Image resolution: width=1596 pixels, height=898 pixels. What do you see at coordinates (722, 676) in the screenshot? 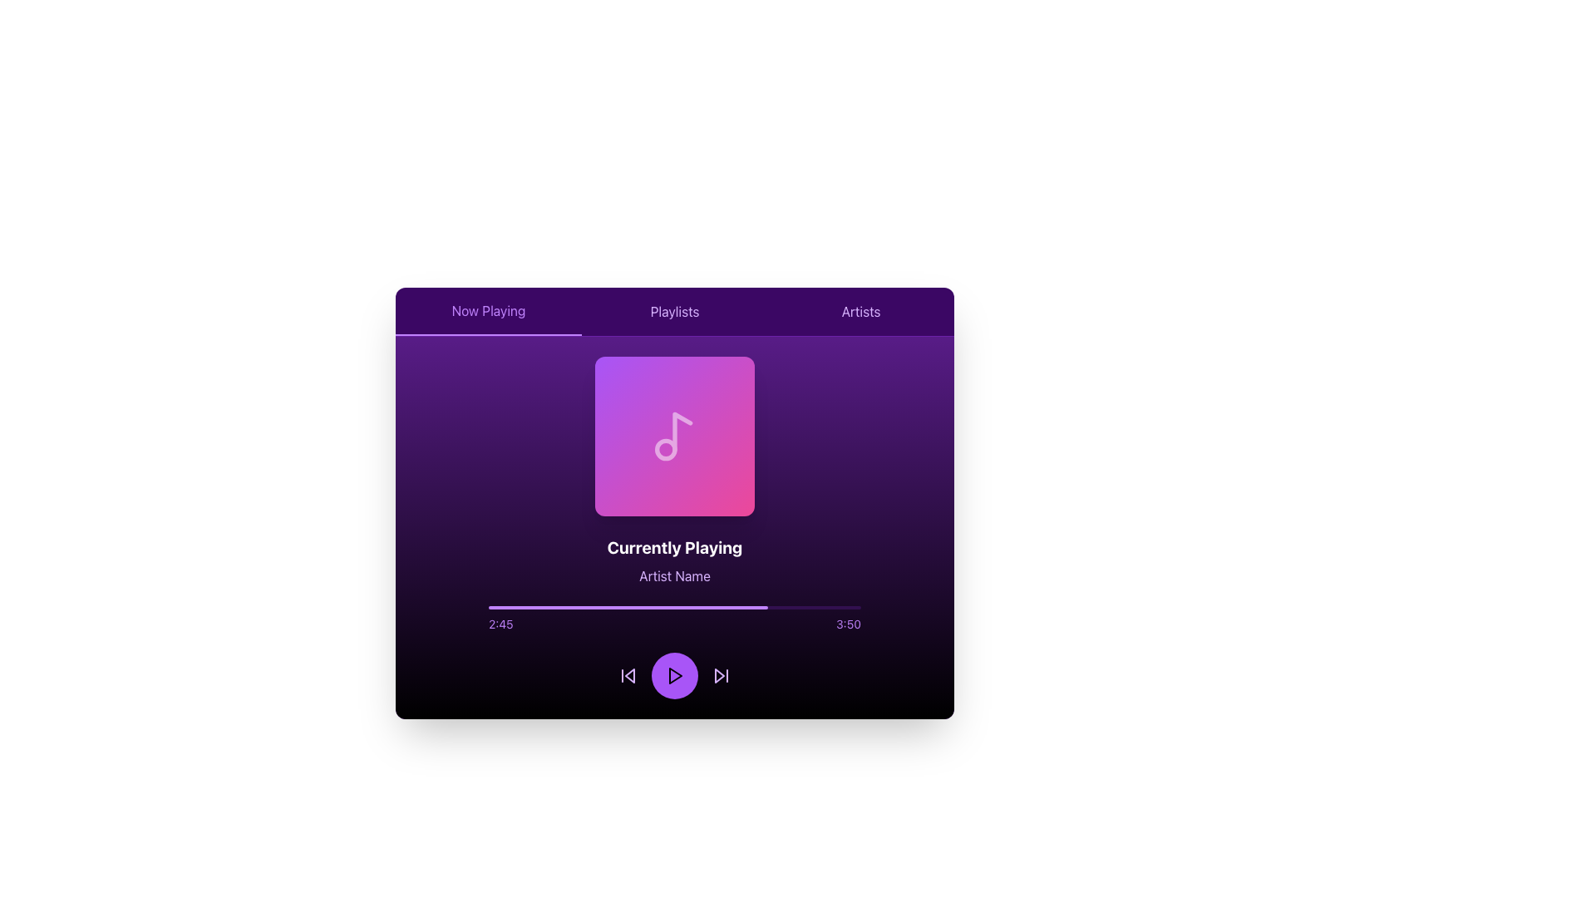
I see `the forward-skip button, which is a purple button with a right-pointing arrow located in the bottom-right corner of the media player interface` at bounding box center [722, 676].